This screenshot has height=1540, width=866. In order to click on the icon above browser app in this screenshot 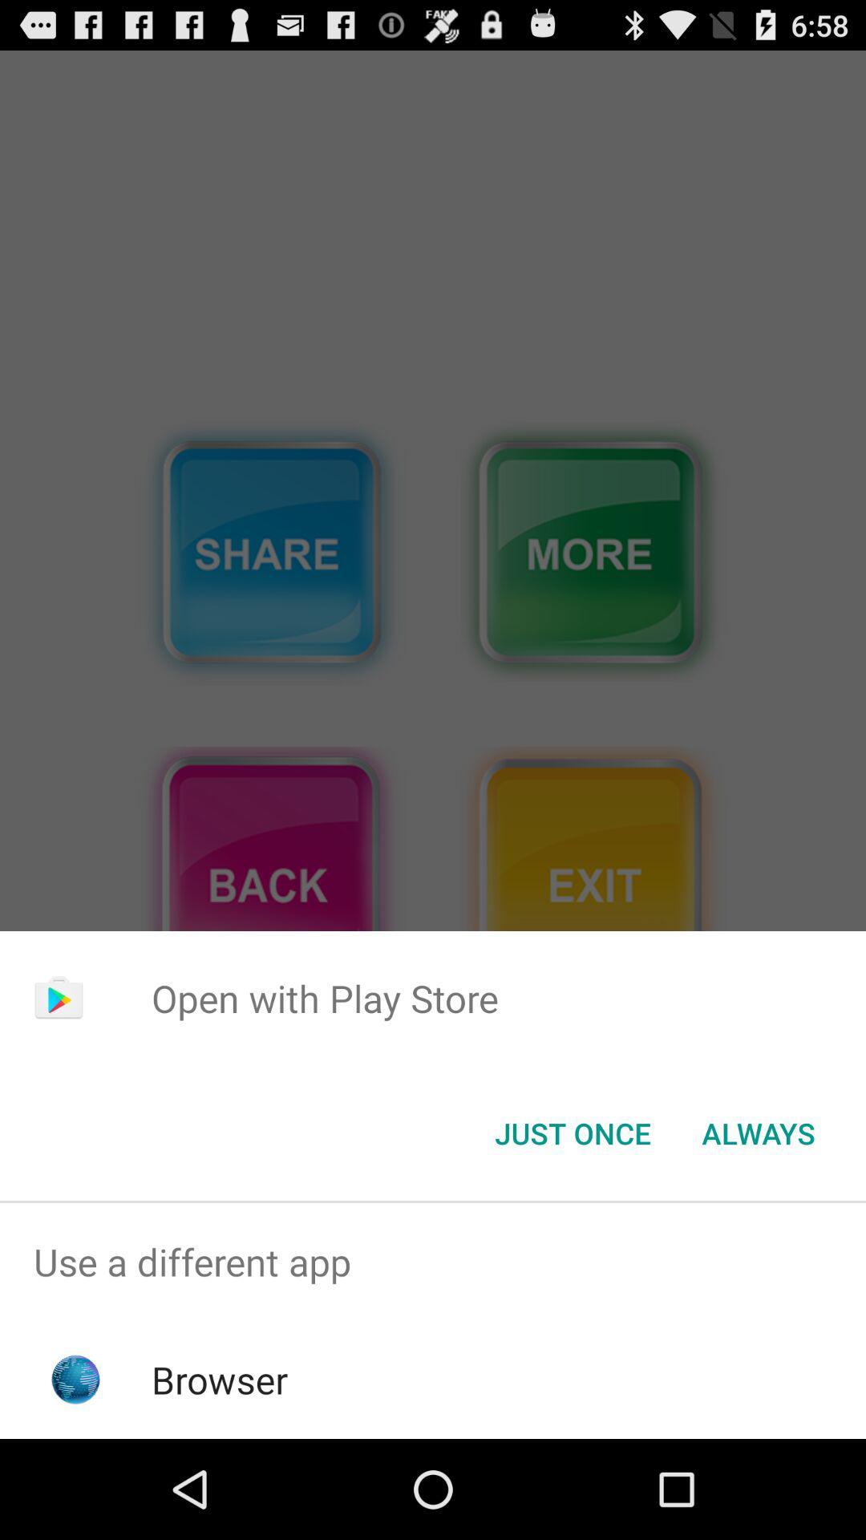, I will do `click(433, 1261)`.